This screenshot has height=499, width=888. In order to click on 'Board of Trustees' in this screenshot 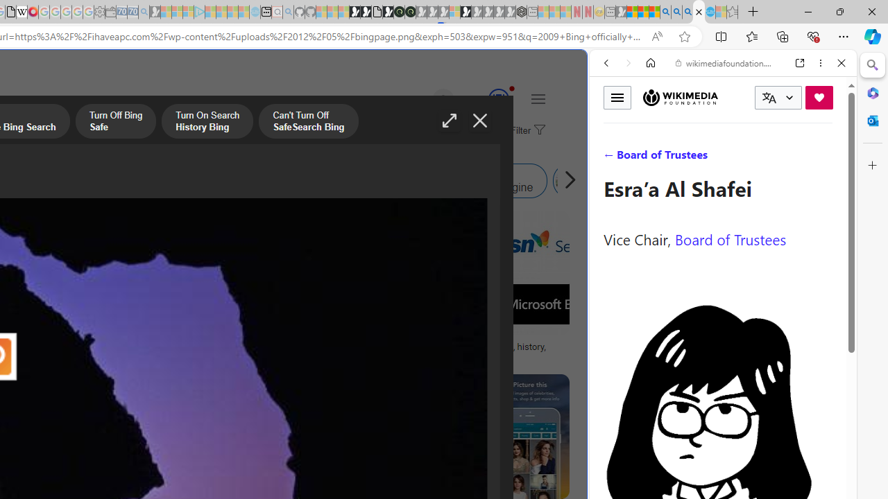, I will do `click(730, 238)`.